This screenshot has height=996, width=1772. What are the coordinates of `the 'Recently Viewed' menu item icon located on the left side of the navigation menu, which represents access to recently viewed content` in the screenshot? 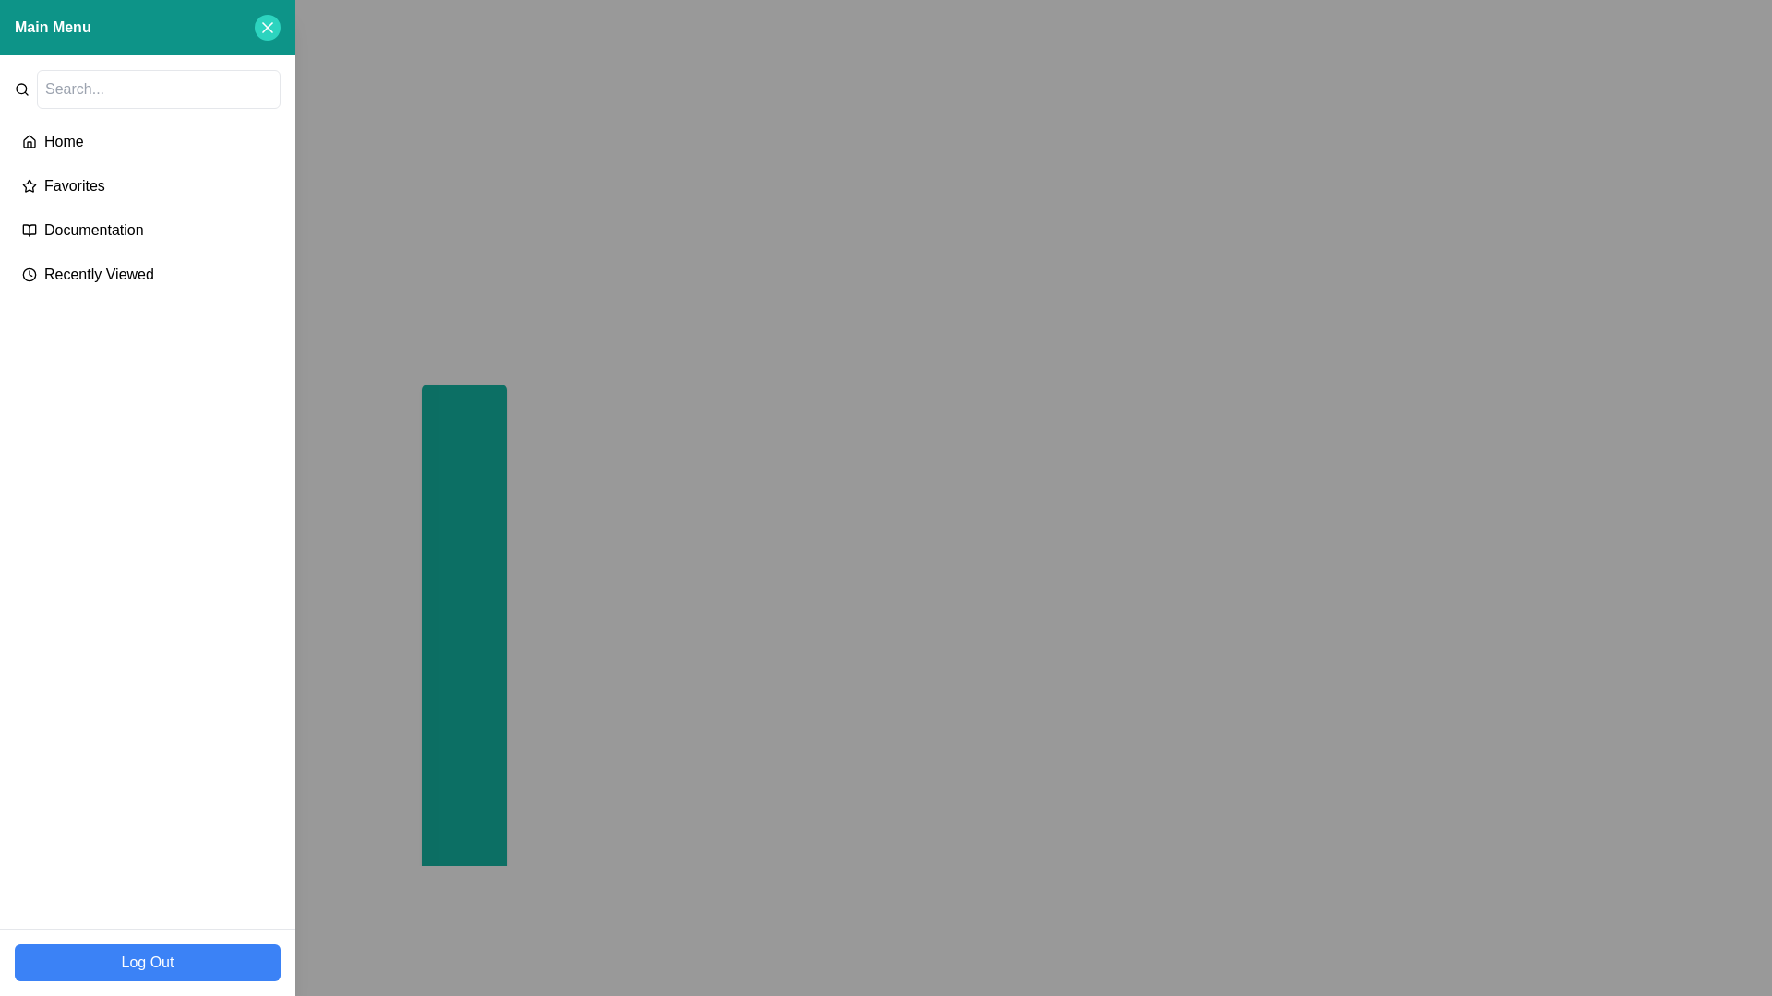 It's located at (30, 274).